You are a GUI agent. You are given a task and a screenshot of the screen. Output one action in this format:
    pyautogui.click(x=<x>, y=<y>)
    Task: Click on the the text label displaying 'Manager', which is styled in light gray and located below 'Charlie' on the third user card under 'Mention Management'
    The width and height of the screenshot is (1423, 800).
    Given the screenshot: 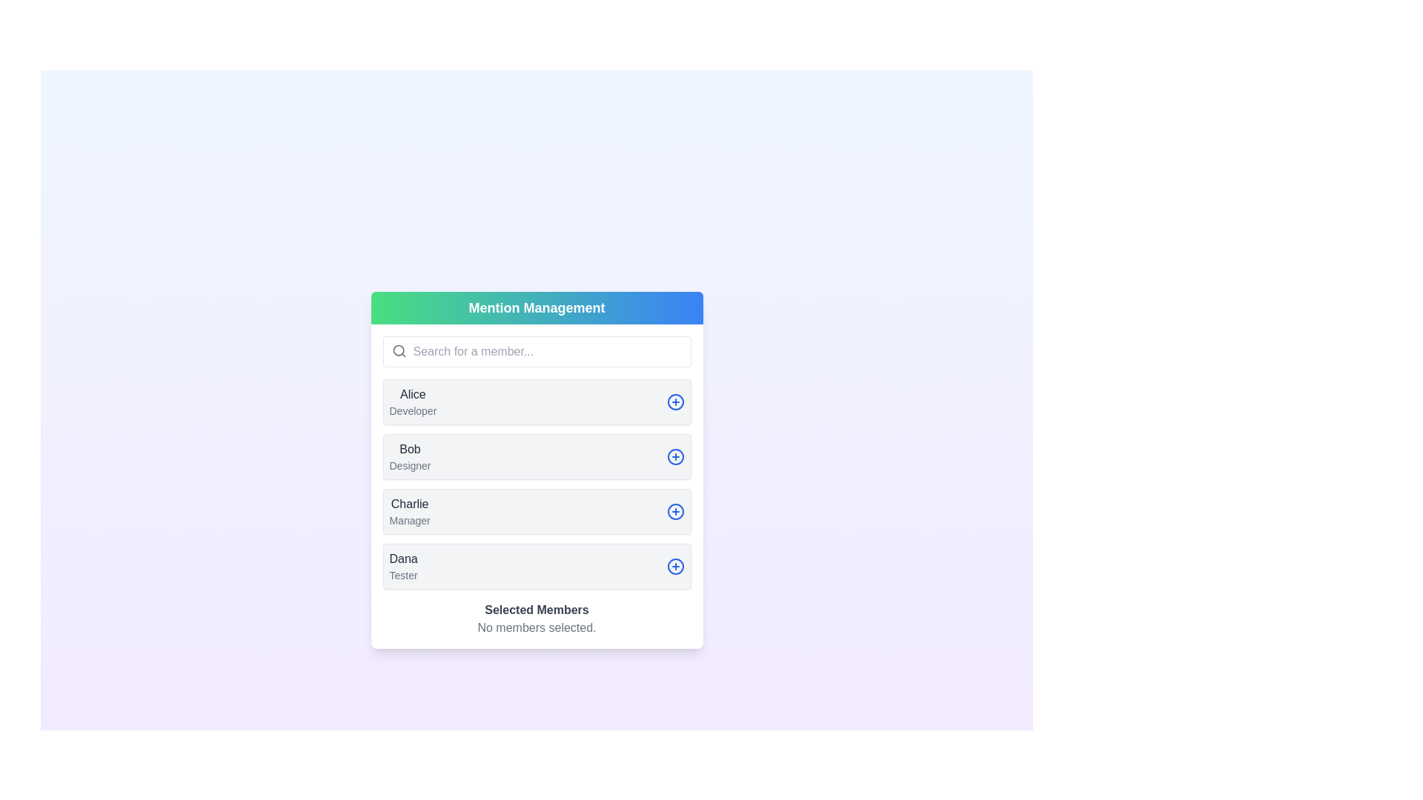 What is the action you would take?
    pyautogui.click(x=410, y=519)
    